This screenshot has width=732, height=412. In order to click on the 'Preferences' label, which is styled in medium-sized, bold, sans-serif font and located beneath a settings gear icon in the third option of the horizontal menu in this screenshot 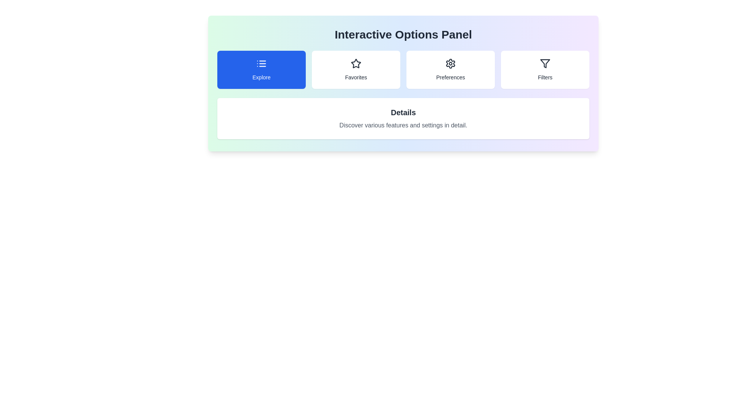, I will do `click(450, 77)`.